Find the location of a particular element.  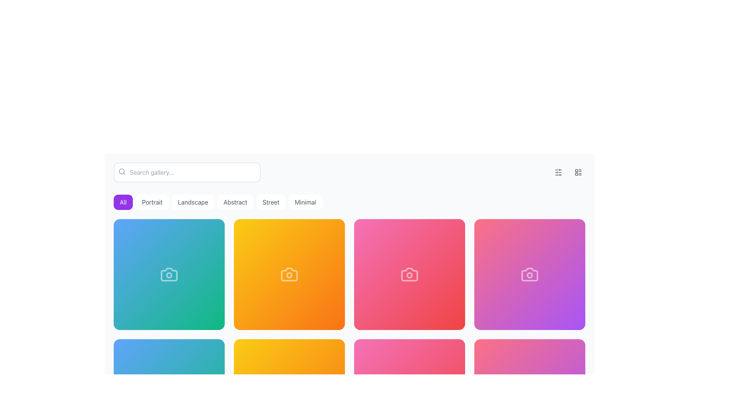

the camera icon, which is a stylized representation with a rectangular body and circular lens, outlined with a light pink stroke, located in the last column of the second row in the gallery layout is located at coordinates (529, 274).